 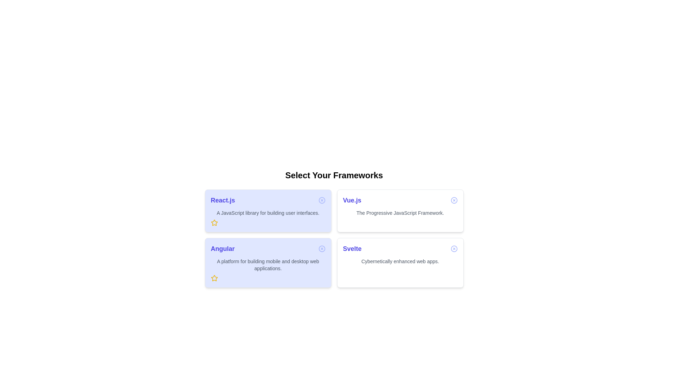 What do you see at coordinates (321, 200) in the screenshot?
I see `close button on the chip labeled React.js to remove it` at bounding box center [321, 200].